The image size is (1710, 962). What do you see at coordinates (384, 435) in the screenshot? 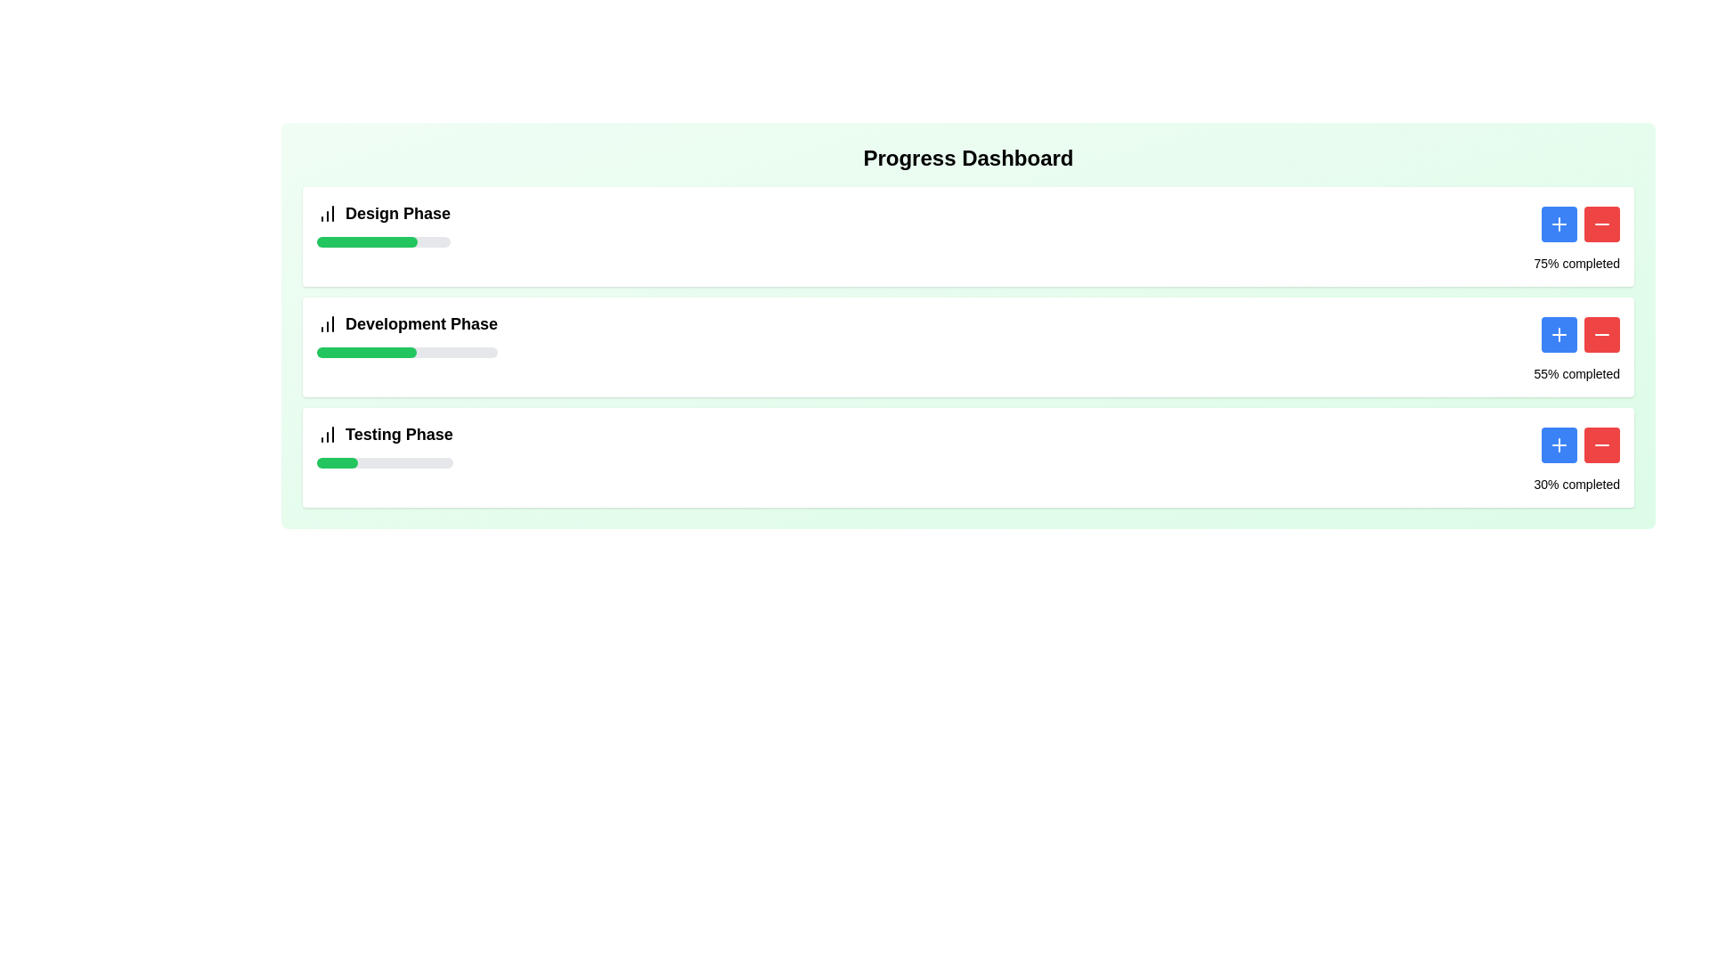
I see `the 'Testing Phase' label with the bar chart icon to interact with related functionalities` at bounding box center [384, 435].